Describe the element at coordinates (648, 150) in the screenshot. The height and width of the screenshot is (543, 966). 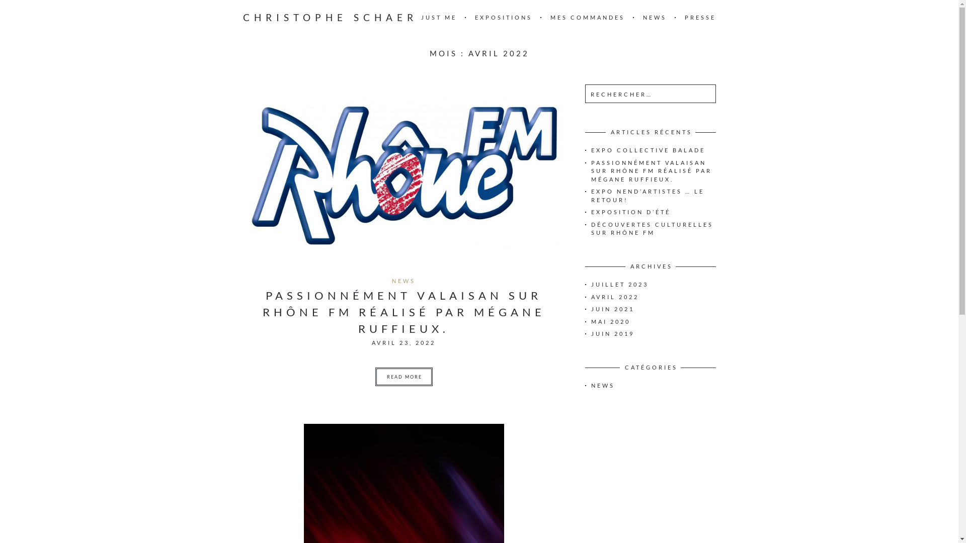
I see `'EXPO COLLECTIVE BALADE'` at that location.